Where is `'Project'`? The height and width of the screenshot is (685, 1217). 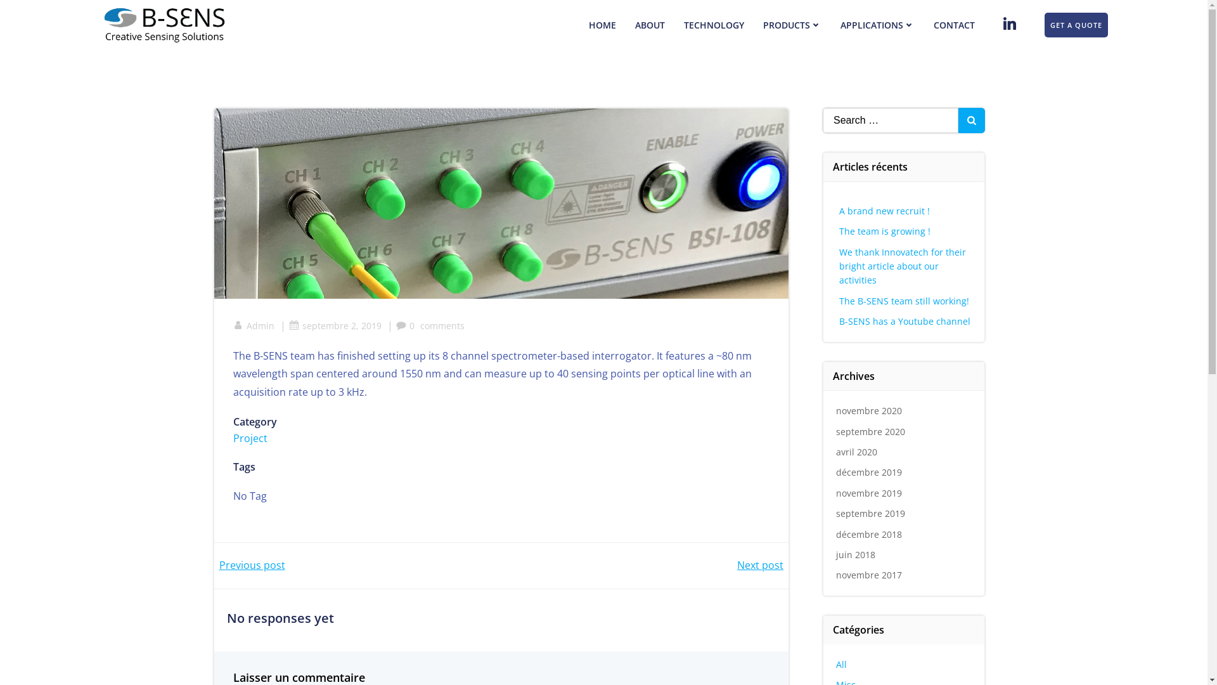
'Project' is located at coordinates (250, 437).